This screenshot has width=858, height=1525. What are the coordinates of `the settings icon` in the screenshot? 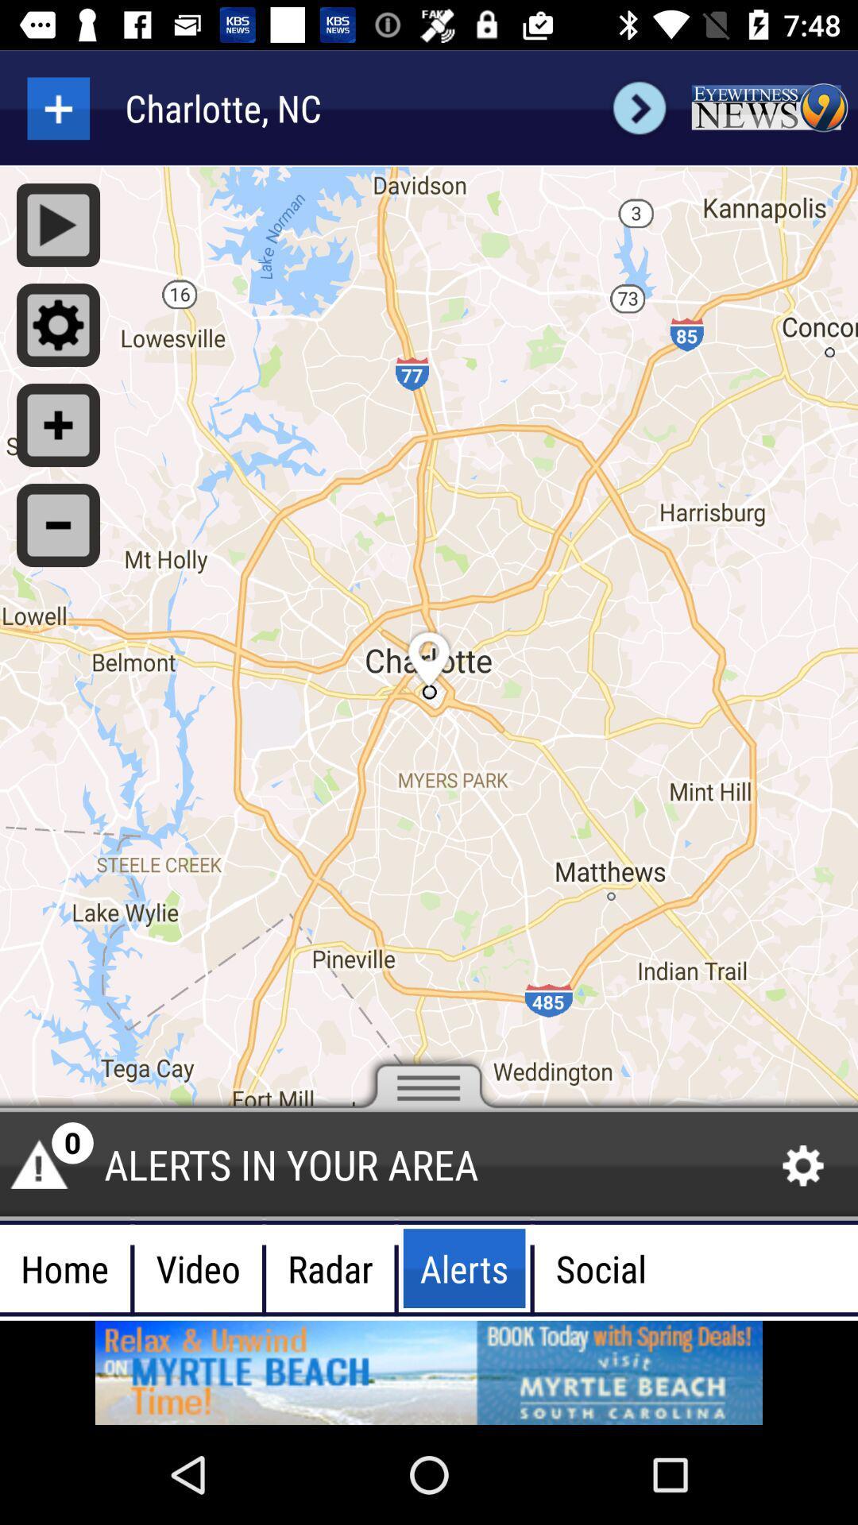 It's located at (803, 1166).